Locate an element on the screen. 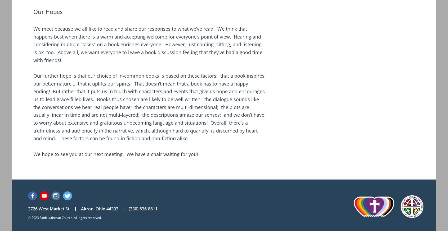  'Our further hope is that our choice of in-common books is based on these factors:  that a book inspires our better nature … that it uplifts our spirits.  That doesn’t mean that a book has to have a happy ending!  But rather that it puts us in touch with characters and events that give us hope and encourages us to lead grace-filled lives.  Books thus chosen are likely to be well written:  the dialogue sounds like the conversations we hear real people have;  the characters are multi-dimensional;  the plots are usually linear in time and are not multi-layered;  the descriptions amaze our senses;  and we don’t have to worry about extensive and gratuitous unbecoming language and situations!  Overall, there’s a truthfulness and authenticity in the narrative, which, although hard to quantify, is discerned by heart and mind.  These factors can be found in fiction and non-fiction alike.' is located at coordinates (149, 107).